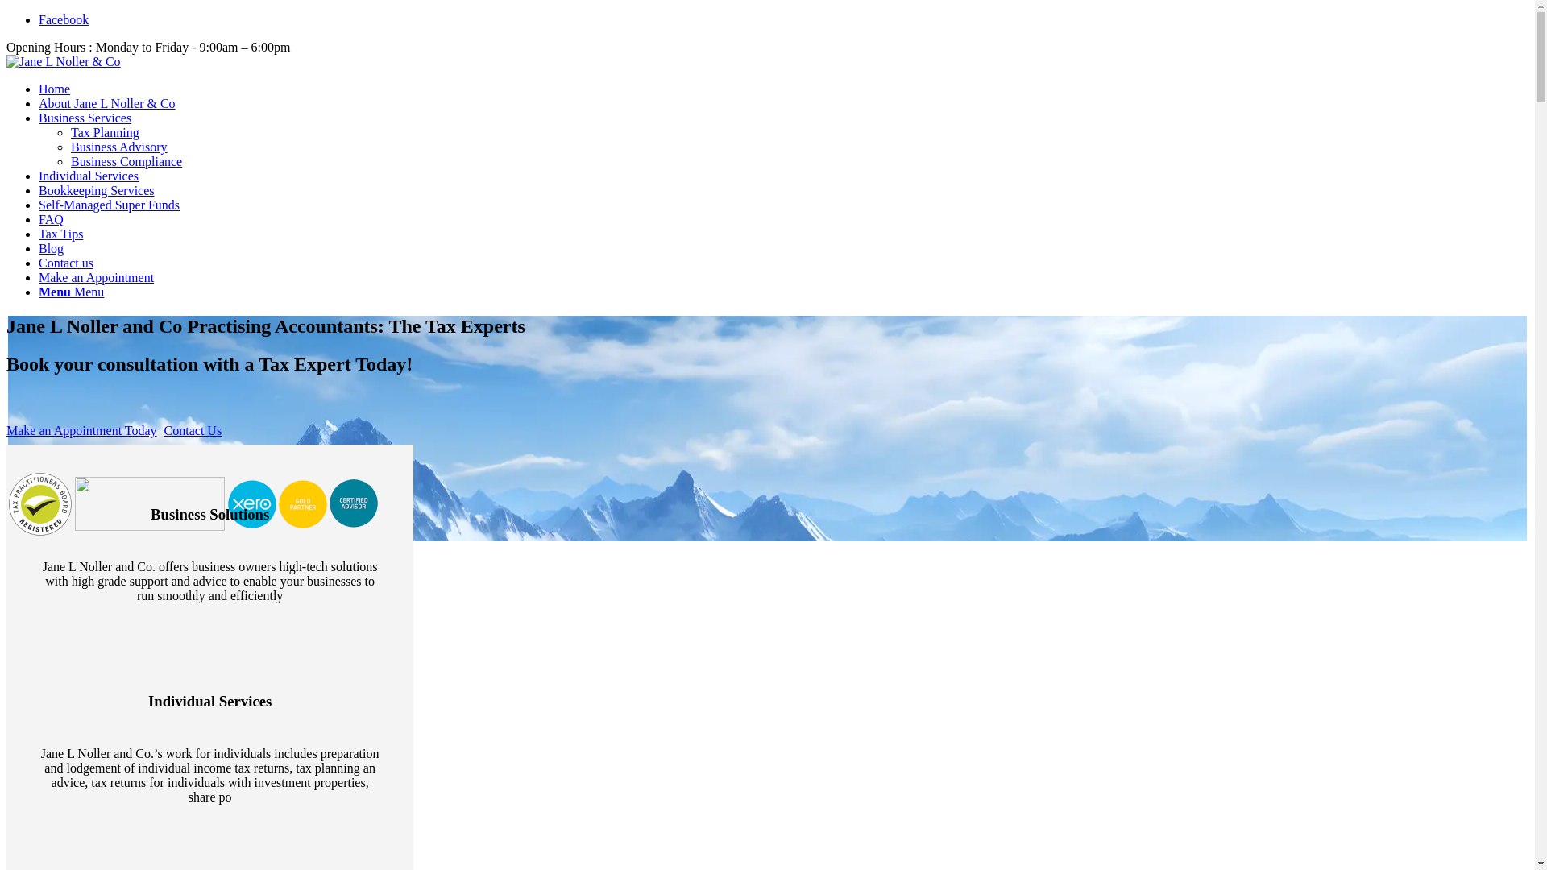 The width and height of the screenshot is (1547, 870). Describe the element at coordinates (60, 234) in the screenshot. I see `'Tax Tips'` at that location.